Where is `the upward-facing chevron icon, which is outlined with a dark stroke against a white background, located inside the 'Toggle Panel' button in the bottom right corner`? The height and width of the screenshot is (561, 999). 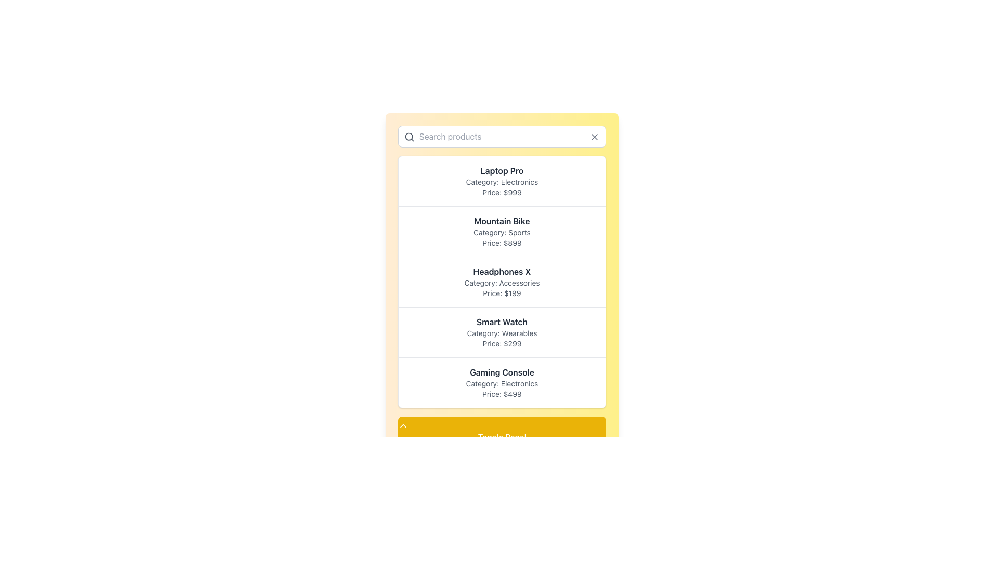
the upward-facing chevron icon, which is outlined with a dark stroke against a white background, located inside the 'Toggle Panel' button in the bottom right corner is located at coordinates (402, 426).